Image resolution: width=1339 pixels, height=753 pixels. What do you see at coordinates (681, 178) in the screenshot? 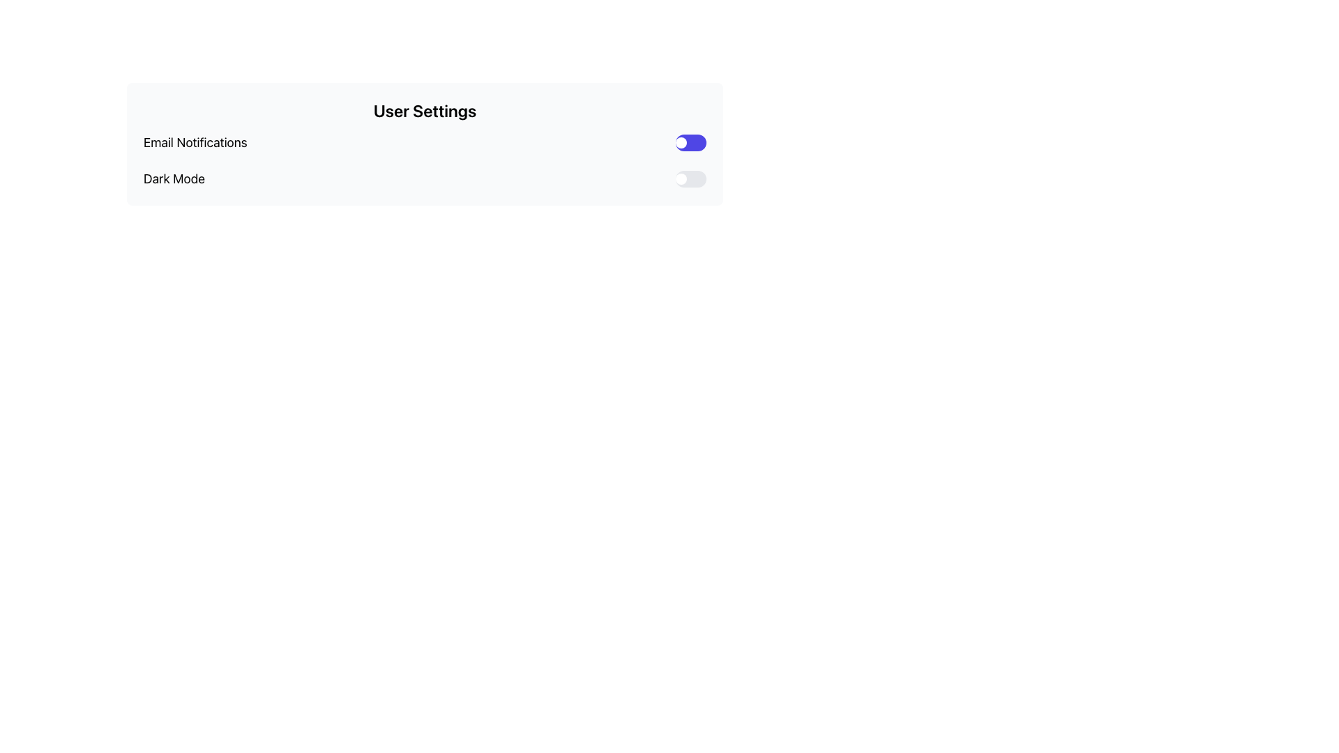
I see `the toggle switch knob for 'Enable Dark Mode', which is located at the leftmost position of the toggle switch` at bounding box center [681, 178].